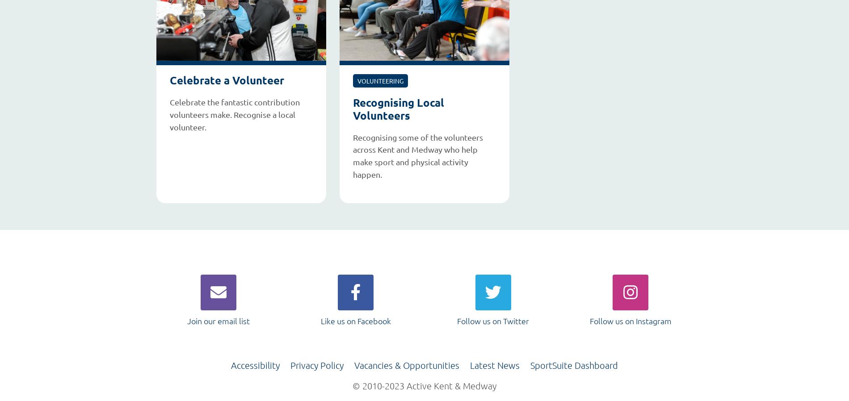  What do you see at coordinates (355, 321) in the screenshot?
I see `'Like us on Facebook'` at bounding box center [355, 321].